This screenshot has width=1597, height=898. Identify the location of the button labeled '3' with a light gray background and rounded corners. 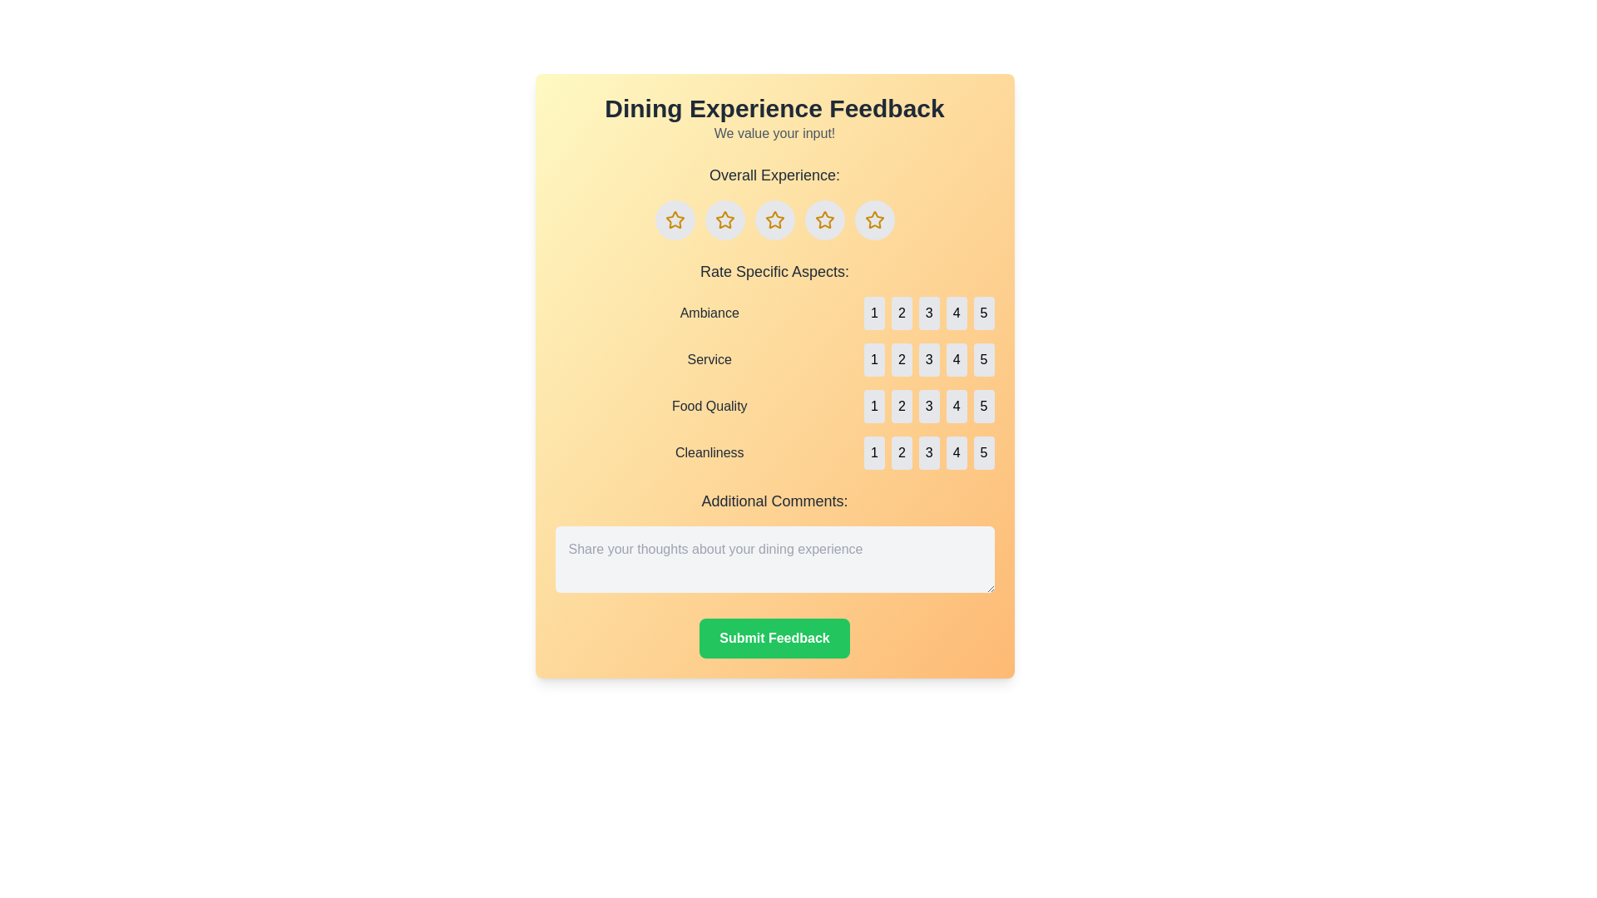
(928, 452).